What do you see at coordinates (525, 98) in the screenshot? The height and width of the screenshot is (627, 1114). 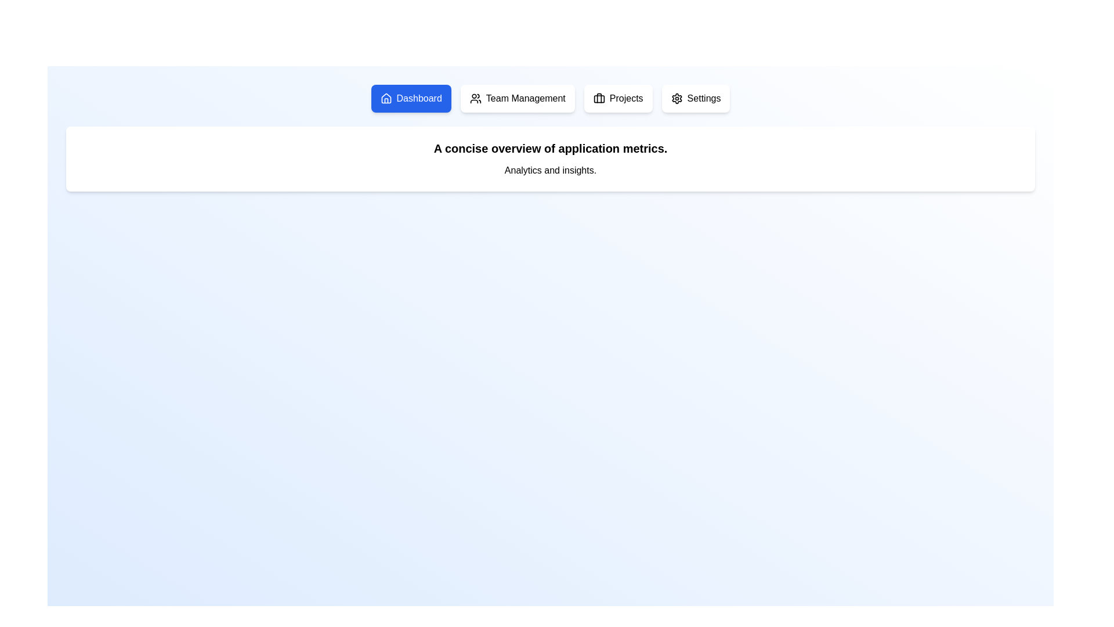 I see `the 'Team Management' text label in the navigation menu` at bounding box center [525, 98].